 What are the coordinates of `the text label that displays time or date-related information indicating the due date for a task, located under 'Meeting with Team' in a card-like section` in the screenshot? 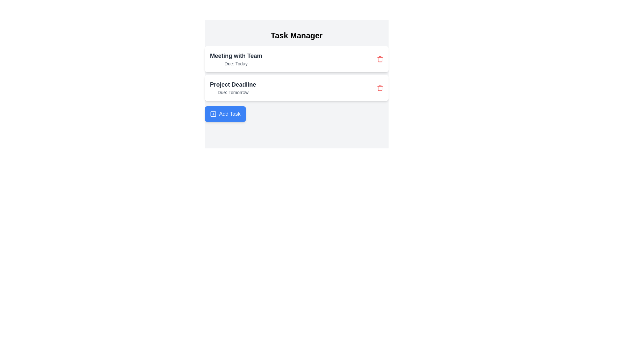 It's located at (235, 64).